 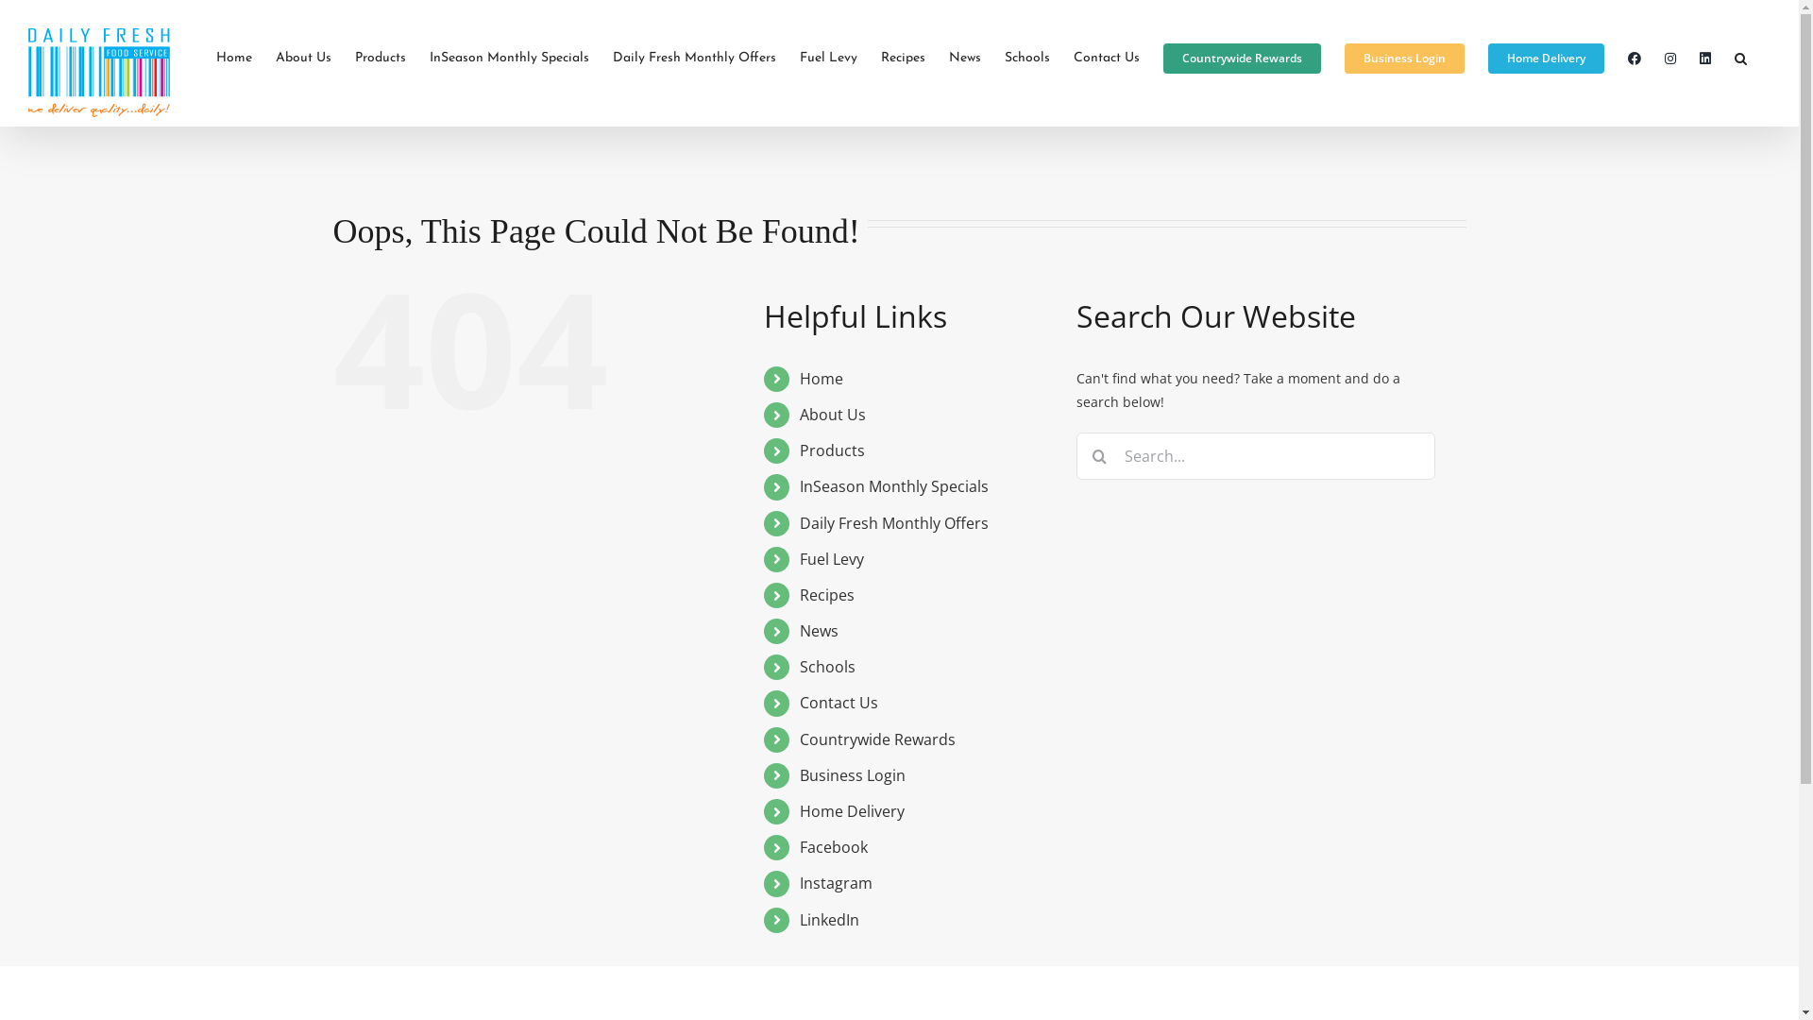 What do you see at coordinates (876, 739) in the screenshot?
I see `'Countrywide Rewards'` at bounding box center [876, 739].